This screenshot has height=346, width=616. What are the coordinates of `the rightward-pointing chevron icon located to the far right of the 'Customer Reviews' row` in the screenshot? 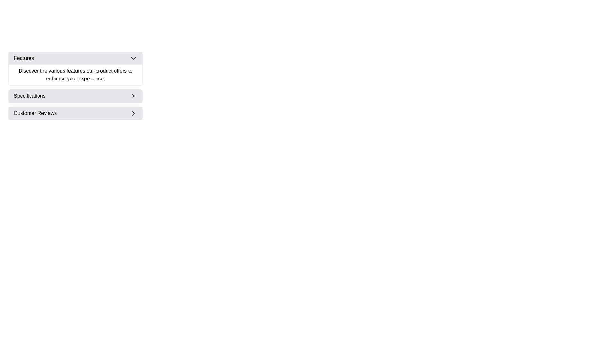 It's located at (133, 113).